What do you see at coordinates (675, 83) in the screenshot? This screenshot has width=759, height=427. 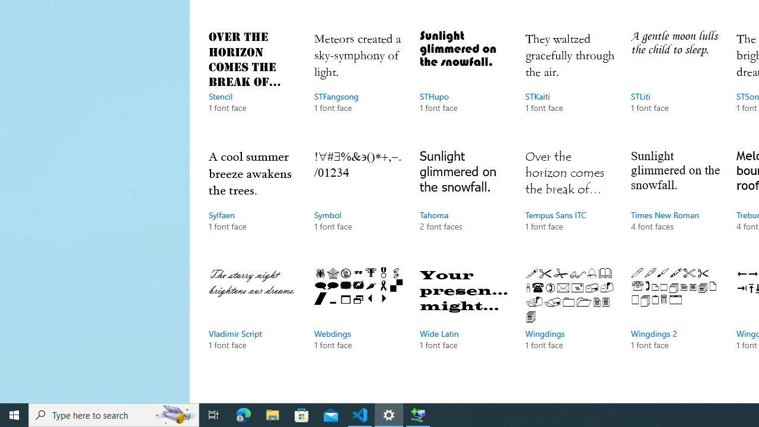 I see `'STLiti, 1 font face'` at bounding box center [675, 83].